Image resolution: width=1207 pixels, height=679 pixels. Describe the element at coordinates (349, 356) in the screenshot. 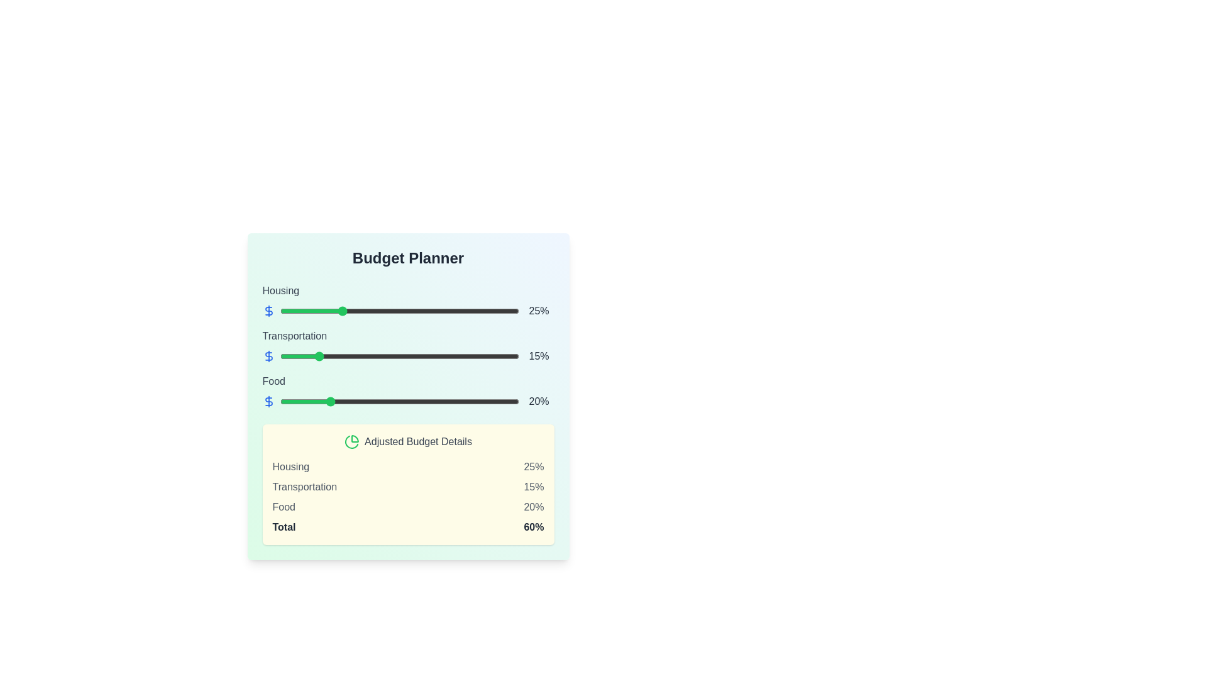

I see `transportation budget percentage` at that location.